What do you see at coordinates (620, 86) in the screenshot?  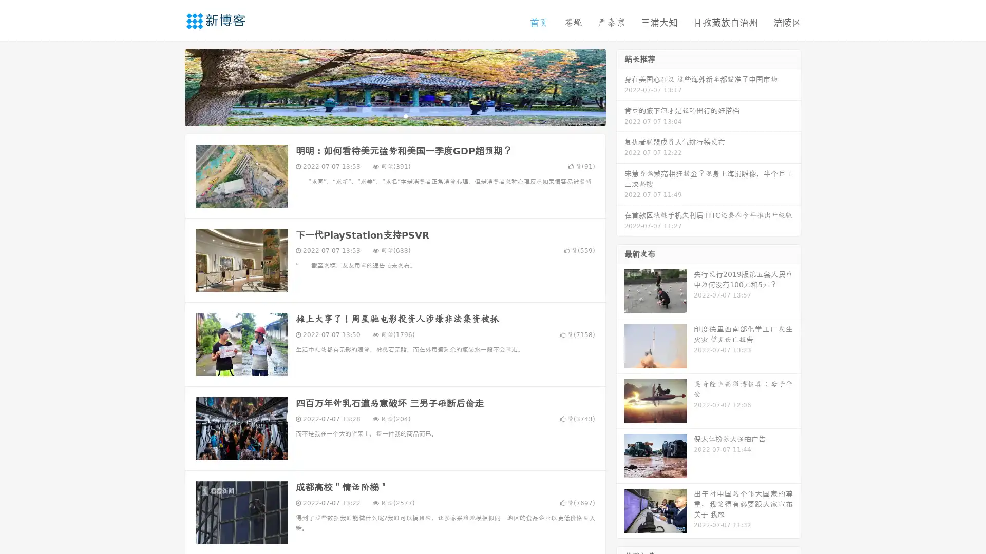 I see `Next slide` at bounding box center [620, 86].